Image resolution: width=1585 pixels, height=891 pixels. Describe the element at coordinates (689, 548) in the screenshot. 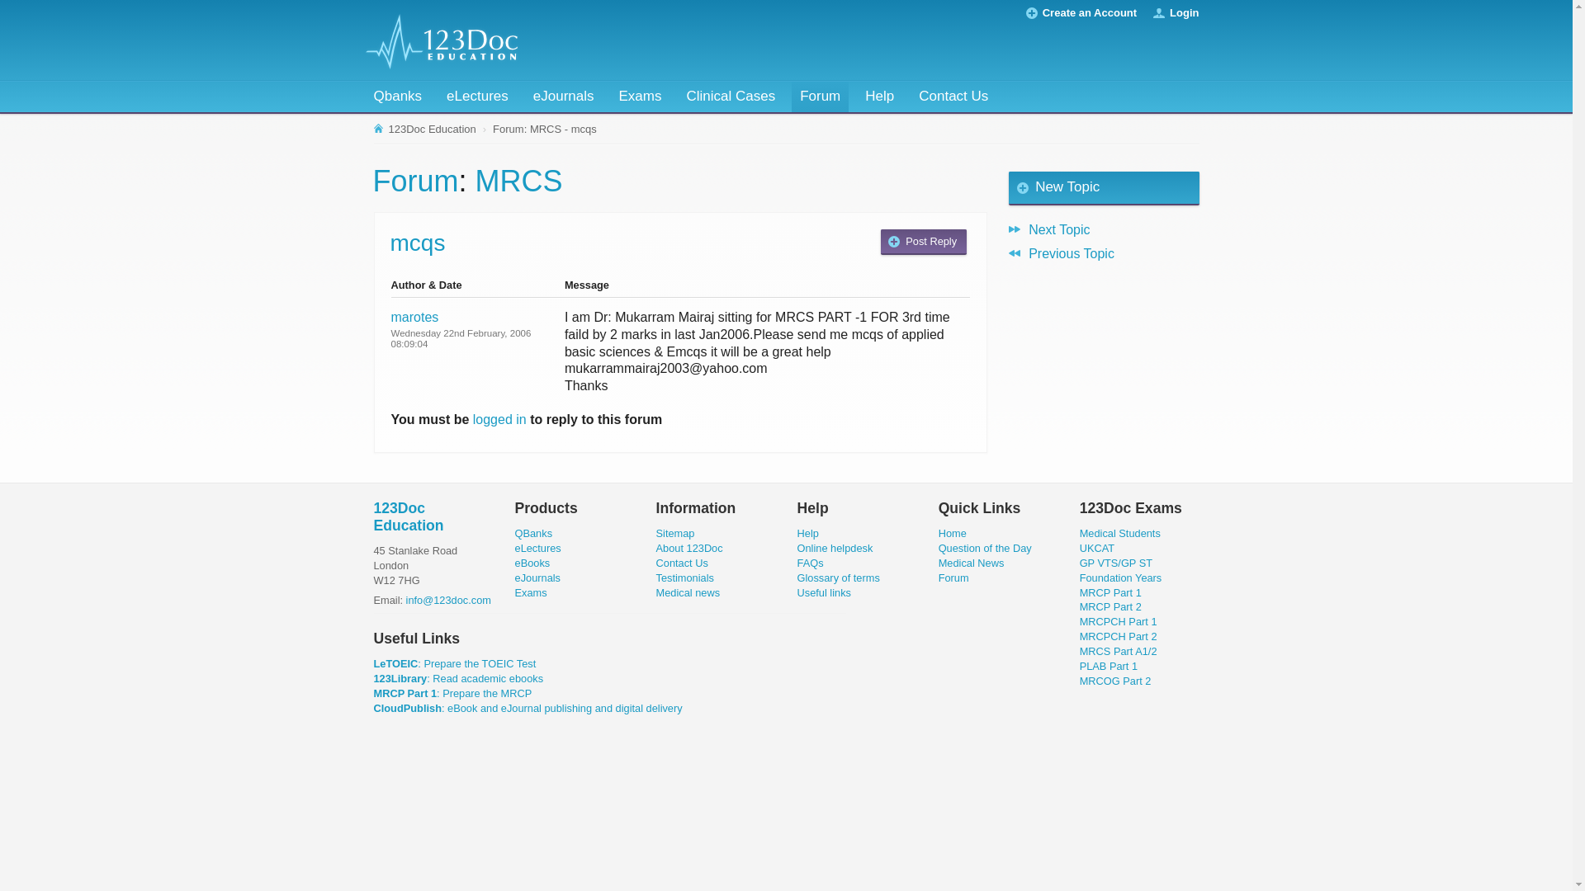

I see `'About 123Doc'` at that location.